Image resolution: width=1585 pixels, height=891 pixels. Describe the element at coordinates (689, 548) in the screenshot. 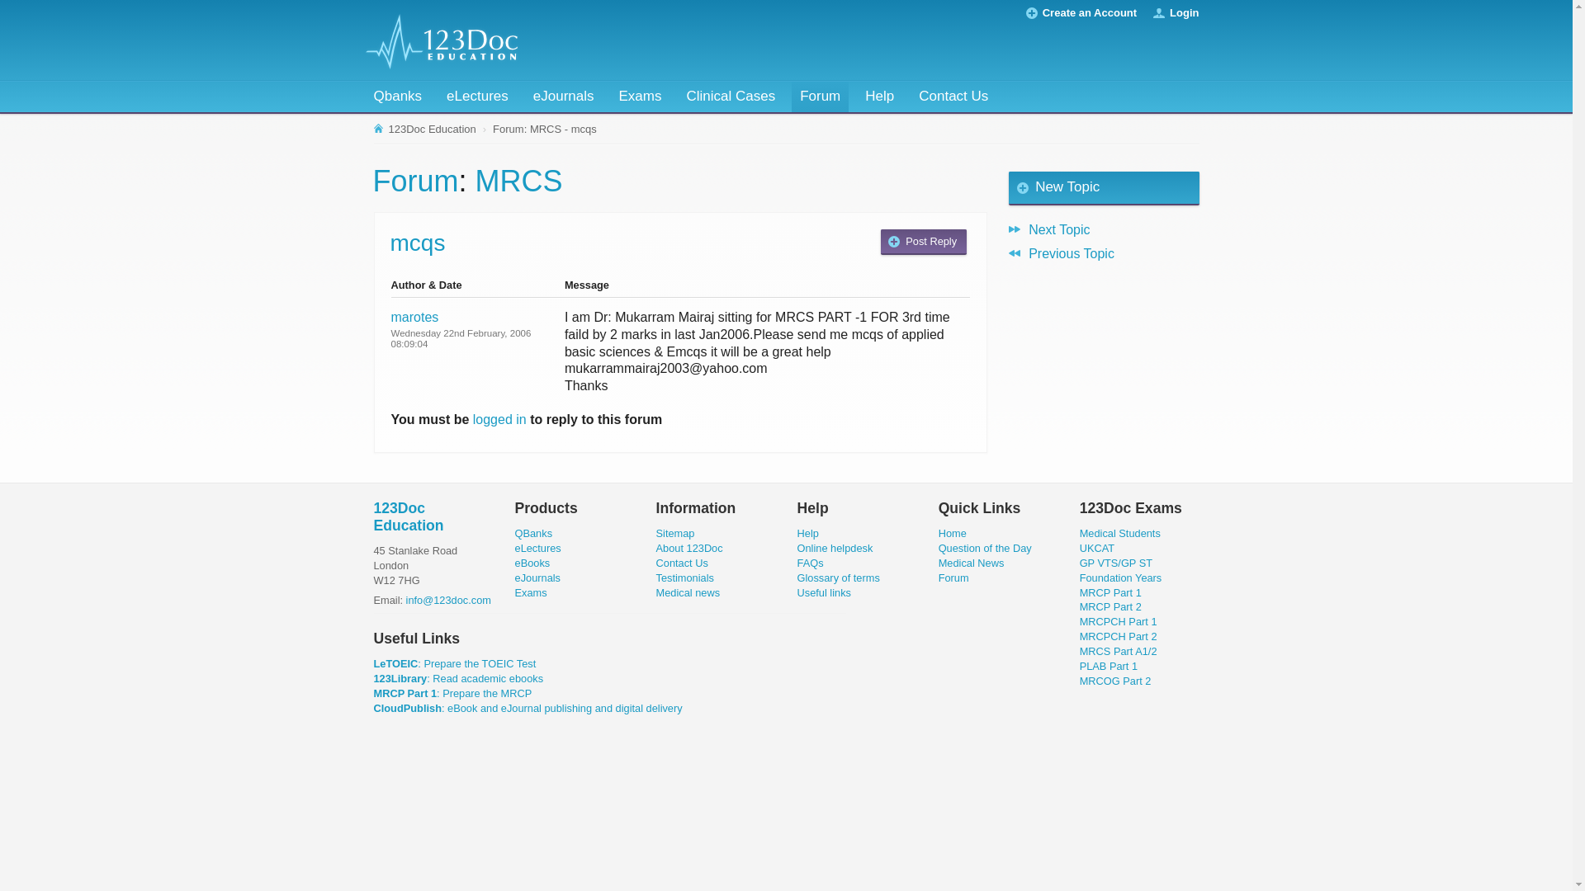

I see `'About 123Doc'` at that location.